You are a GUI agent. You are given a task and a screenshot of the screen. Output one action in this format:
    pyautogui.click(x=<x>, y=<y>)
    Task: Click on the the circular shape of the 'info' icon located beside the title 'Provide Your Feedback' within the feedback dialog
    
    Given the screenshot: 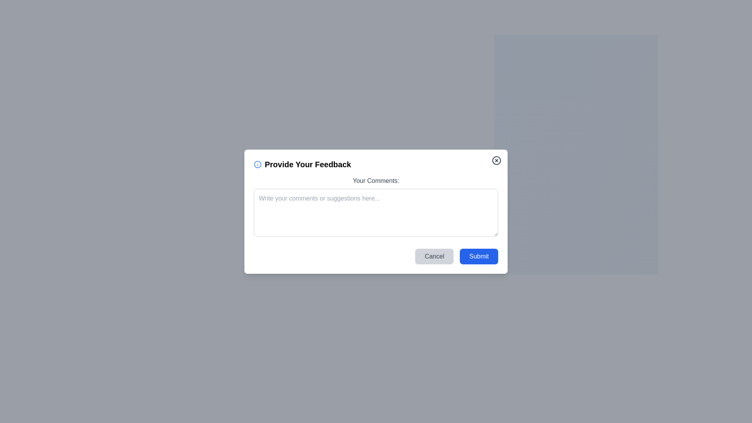 What is the action you would take?
    pyautogui.click(x=257, y=164)
    